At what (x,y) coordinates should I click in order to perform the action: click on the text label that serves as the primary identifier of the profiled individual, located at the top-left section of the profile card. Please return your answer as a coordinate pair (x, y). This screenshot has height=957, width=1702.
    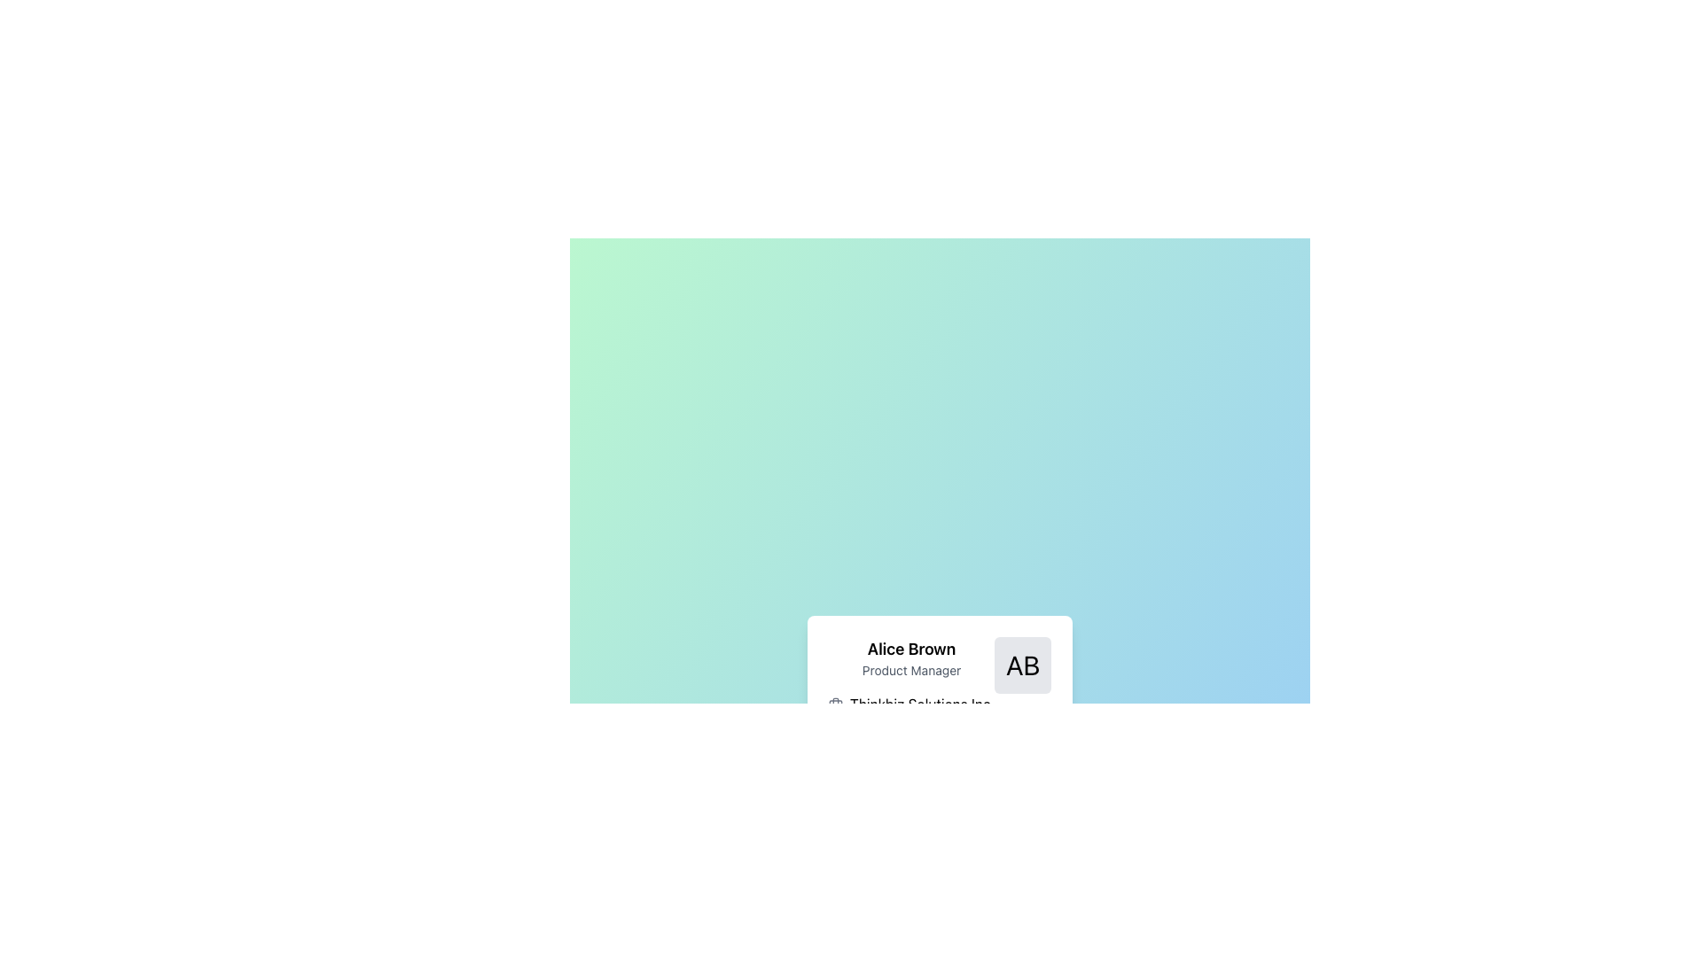
    Looking at the image, I should click on (911, 649).